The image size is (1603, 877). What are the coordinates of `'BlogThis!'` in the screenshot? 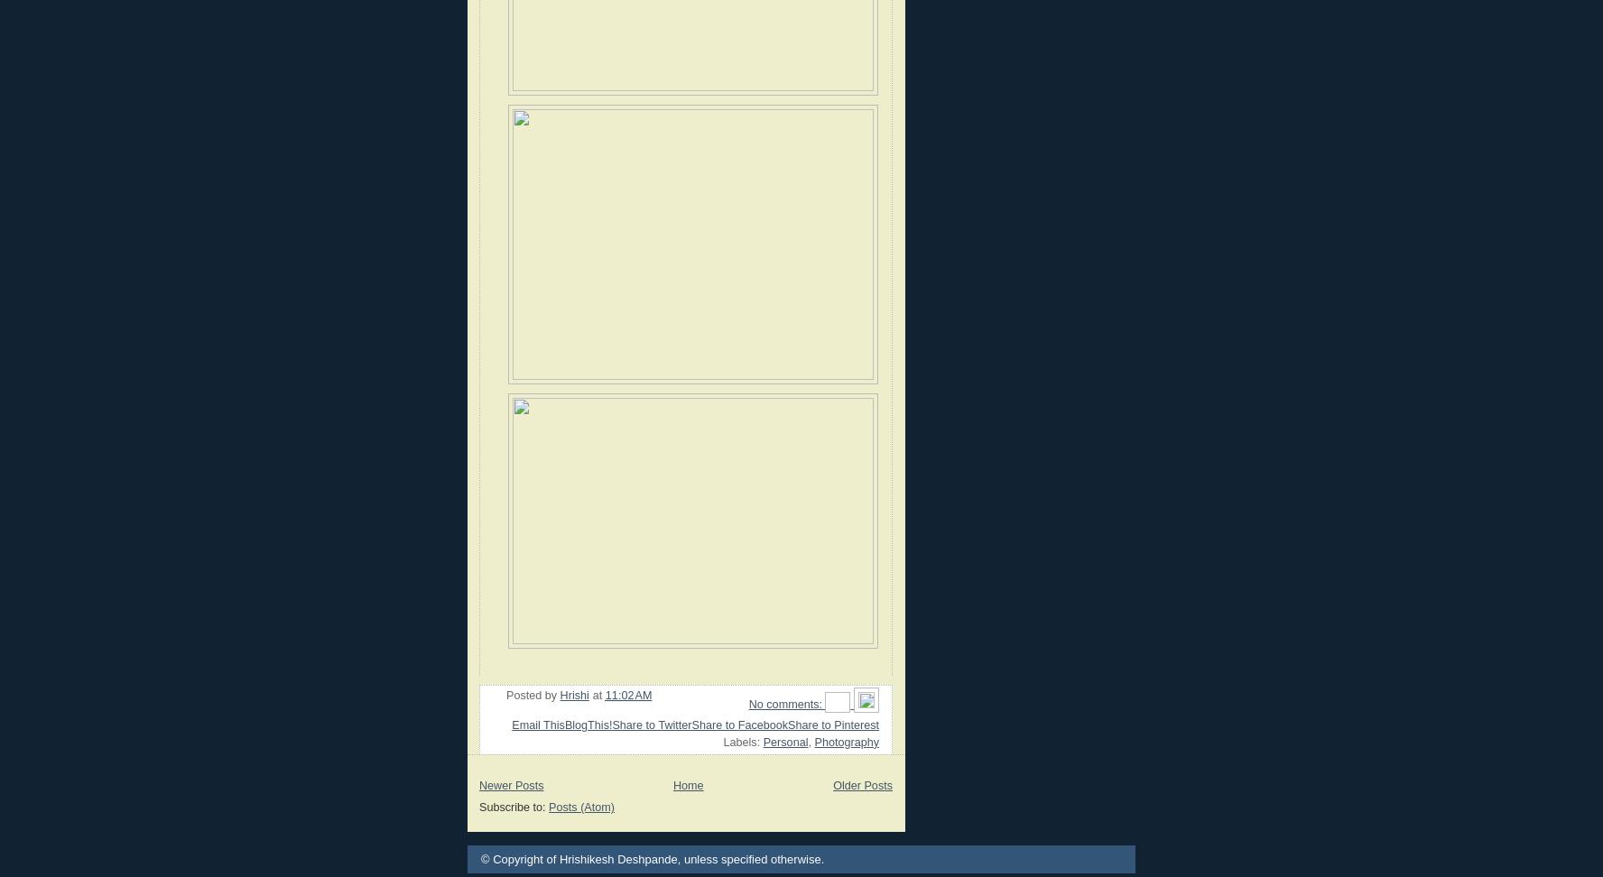 It's located at (587, 723).